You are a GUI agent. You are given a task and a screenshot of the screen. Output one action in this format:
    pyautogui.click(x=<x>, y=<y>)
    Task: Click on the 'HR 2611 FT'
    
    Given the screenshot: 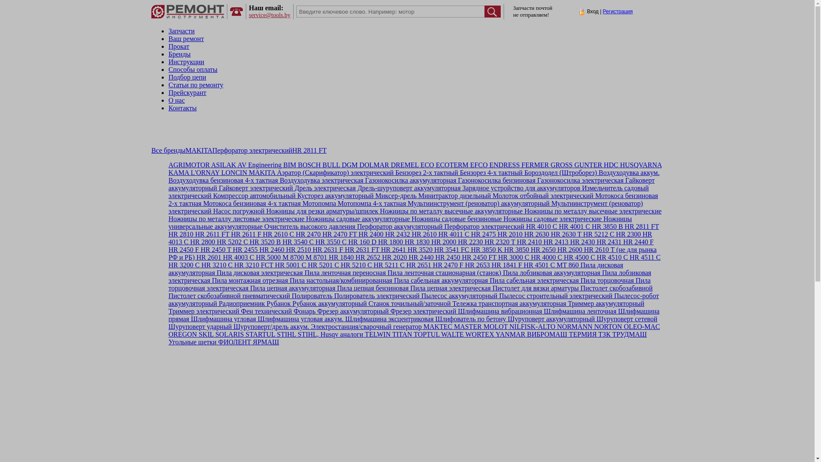 What is the action you would take?
    pyautogui.click(x=211, y=234)
    